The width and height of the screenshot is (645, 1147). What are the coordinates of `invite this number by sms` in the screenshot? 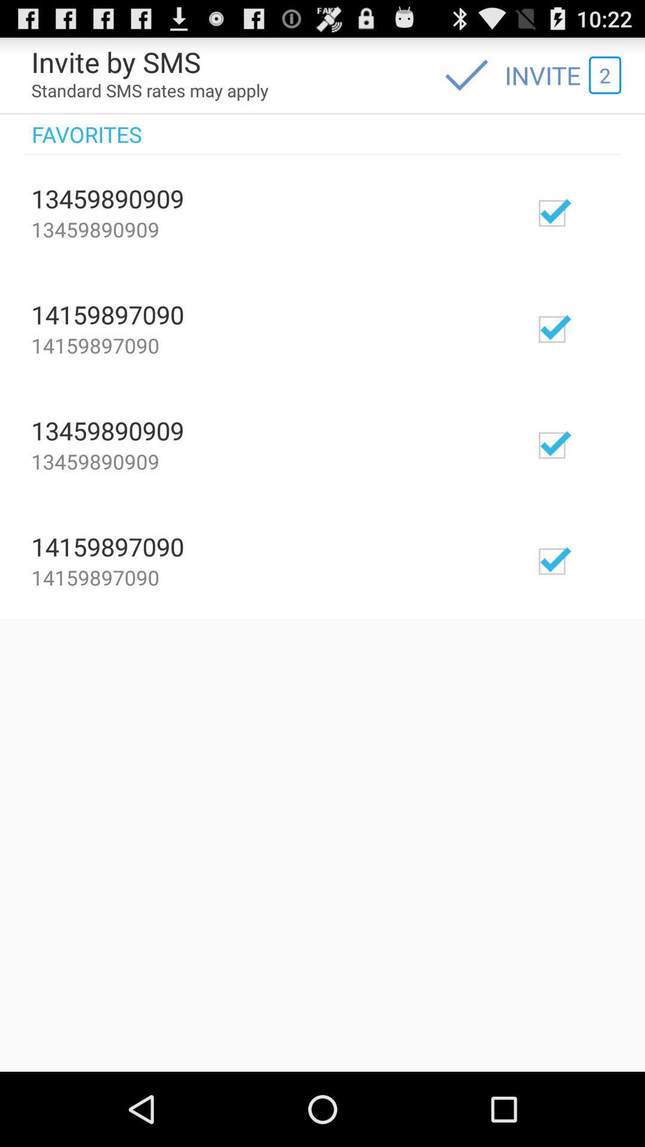 It's located at (586, 328).